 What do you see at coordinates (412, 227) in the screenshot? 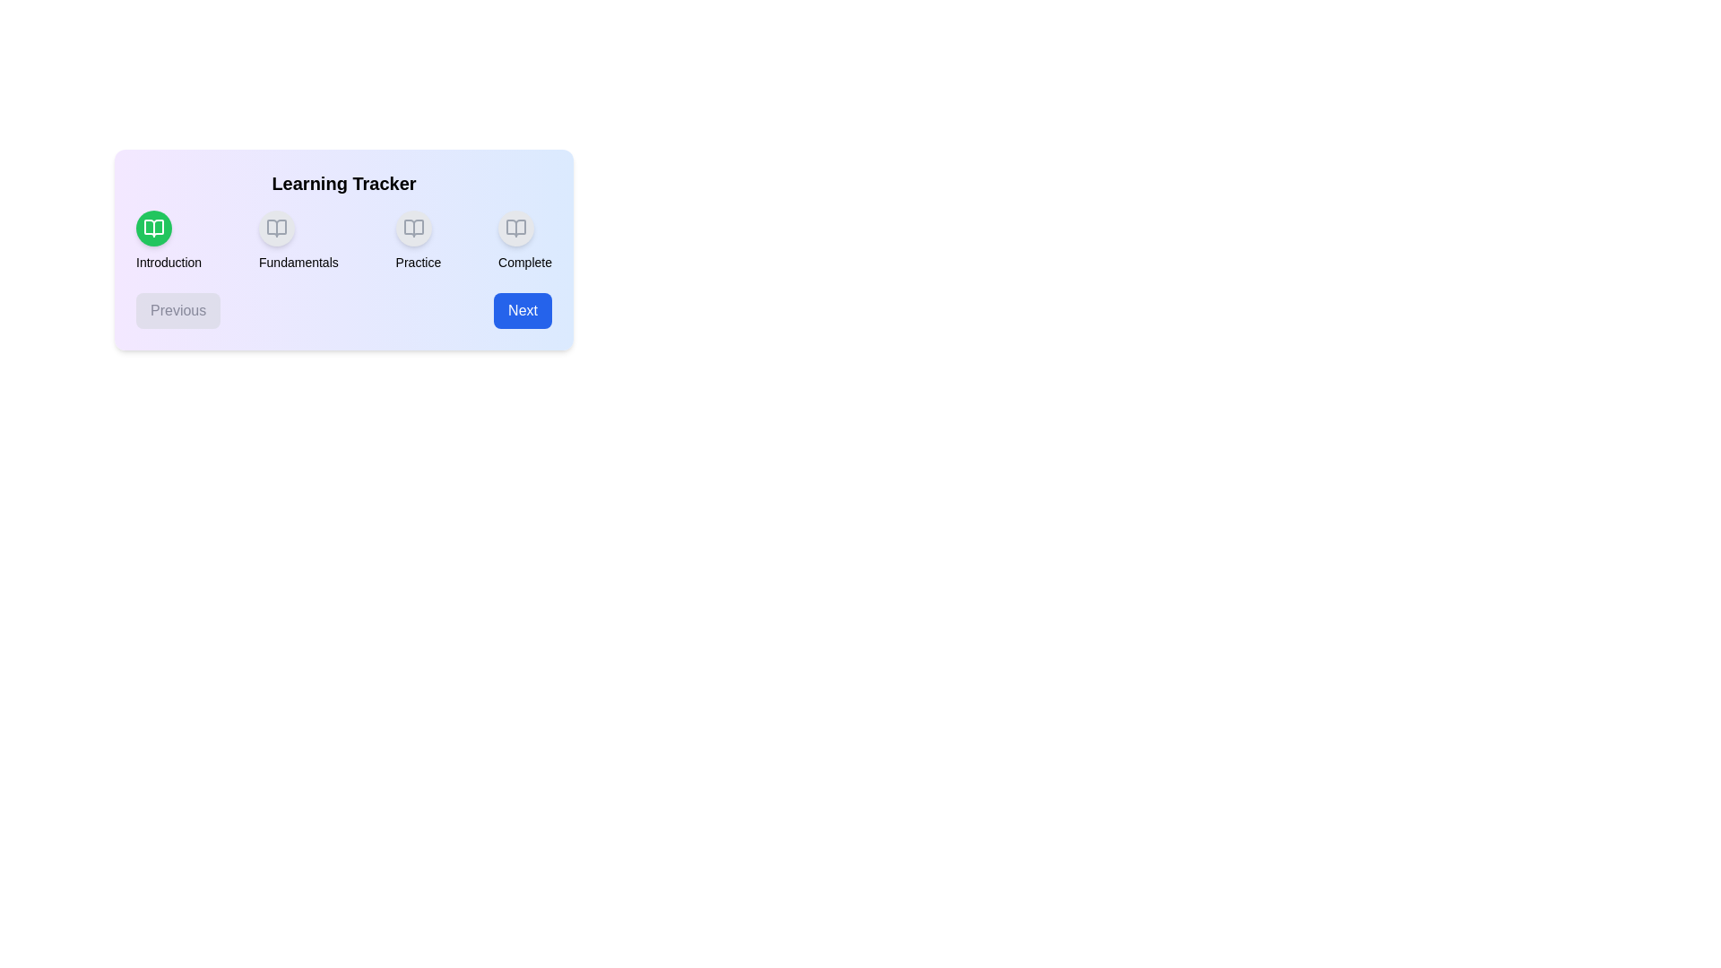
I see `the circular navigation icon with a light gray background and a gray book illustration, positioned above the 'Practice' label in the horizontal menu layout` at bounding box center [412, 227].